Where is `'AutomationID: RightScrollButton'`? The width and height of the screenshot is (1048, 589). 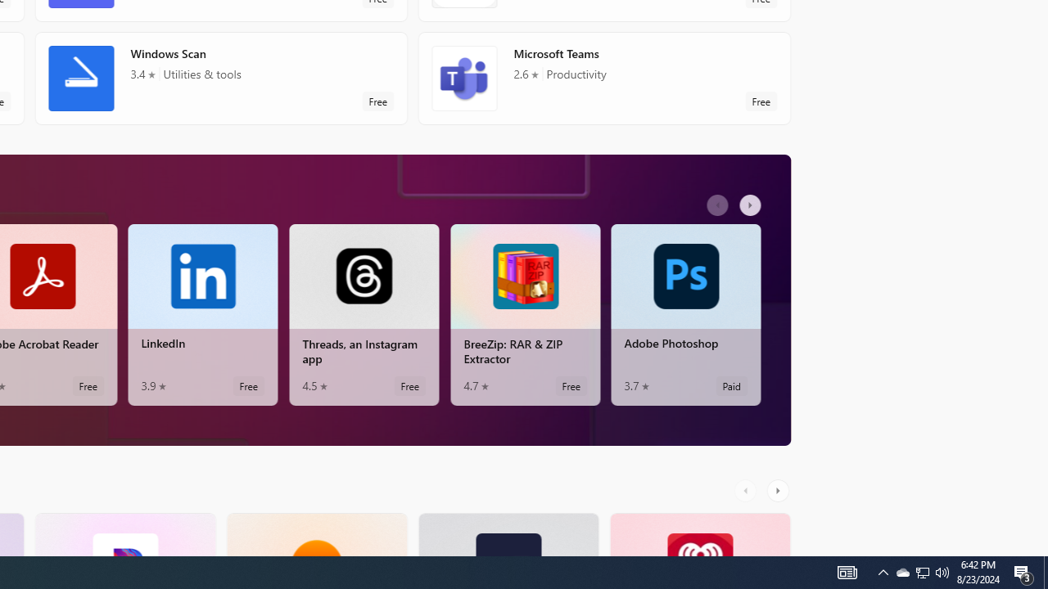 'AutomationID: RightScrollButton' is located at coordinates (779, 489).